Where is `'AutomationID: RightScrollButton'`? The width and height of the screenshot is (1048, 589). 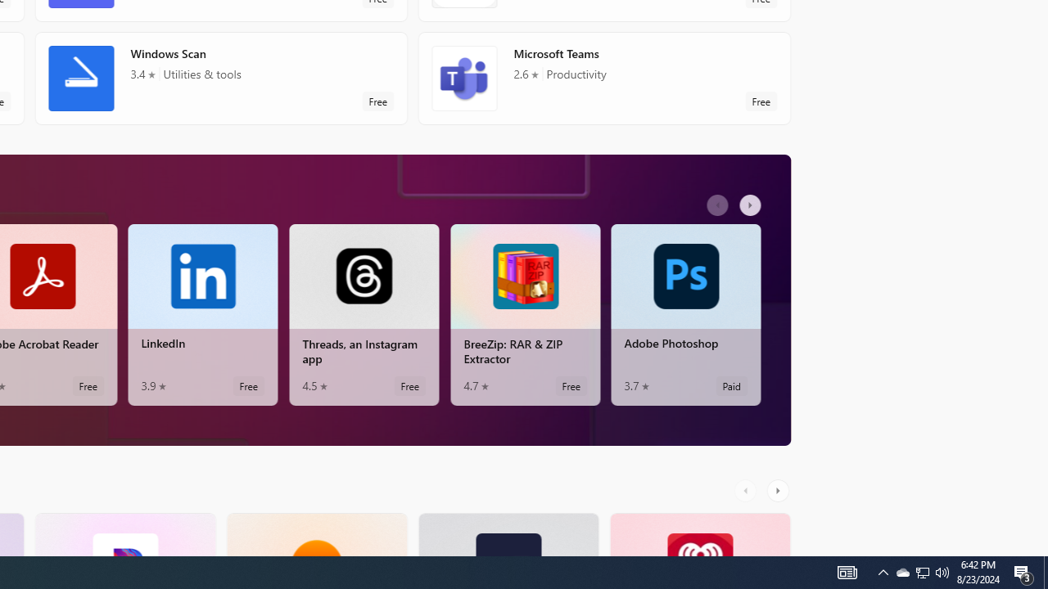 'AutomationID: RightScrollButton' is located at coordinates (779, 489).